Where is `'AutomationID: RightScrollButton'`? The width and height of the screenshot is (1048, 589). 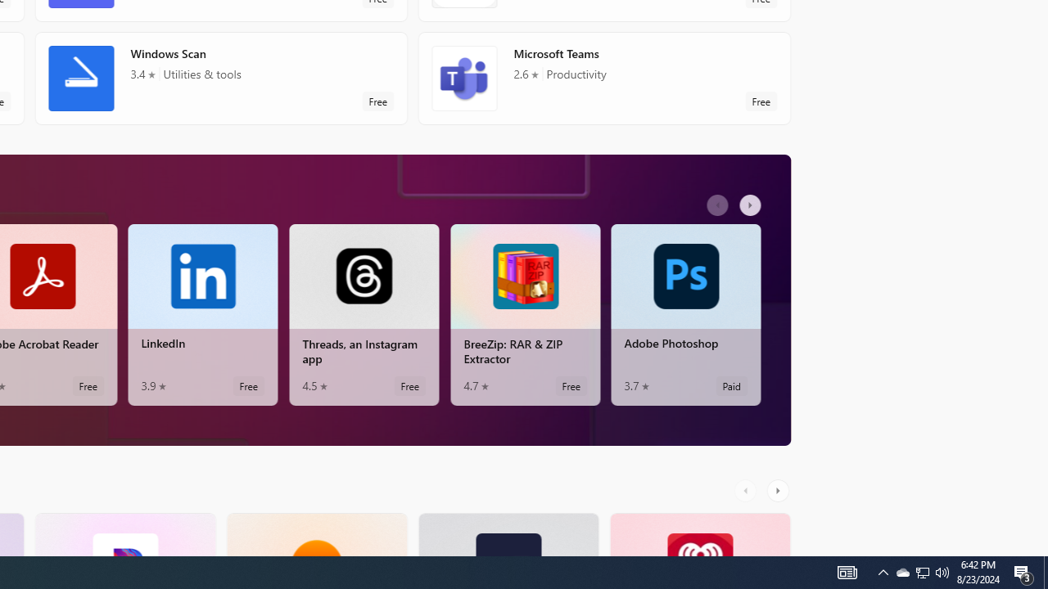 'AutomationID: RightScrollButton' is located at coordinates (779, 489).